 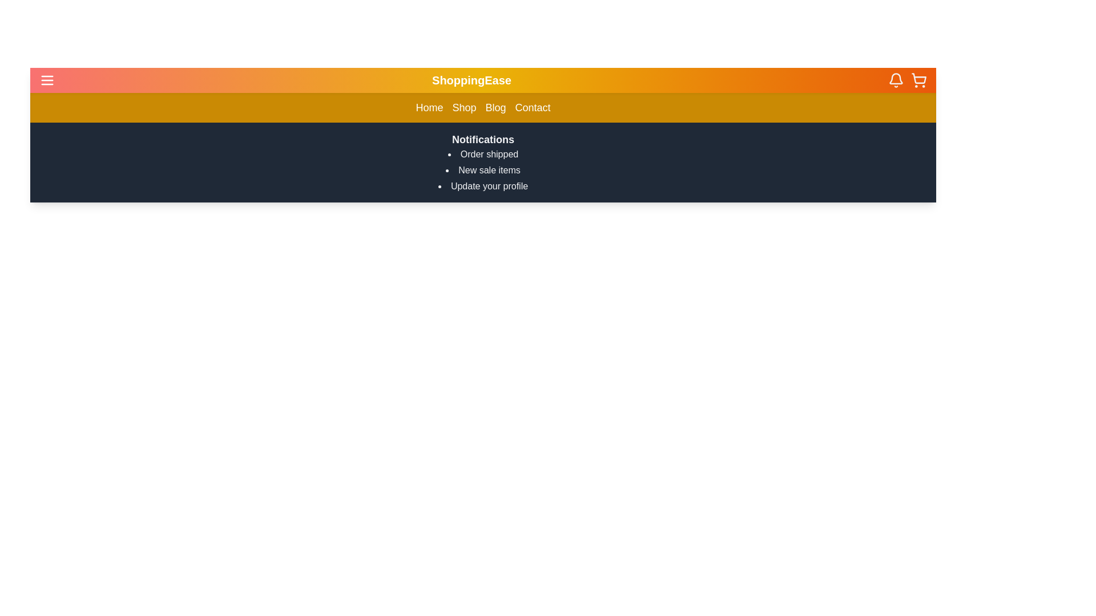 I want to click on the Static text label reading 'ShoppingEase' located in the header section of the application interface, so click(x=472, y=80).